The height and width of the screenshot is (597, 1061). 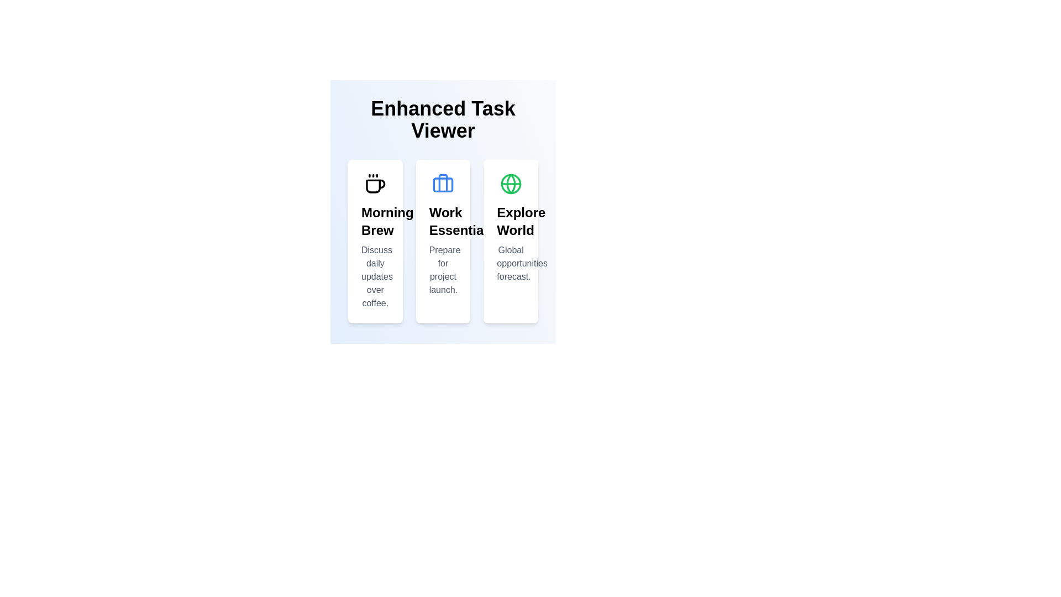 I want to click on the central circular part of the globe icon in the 'Explore World' card, which visually conveys global opportunities, so click(x=510, y=183).